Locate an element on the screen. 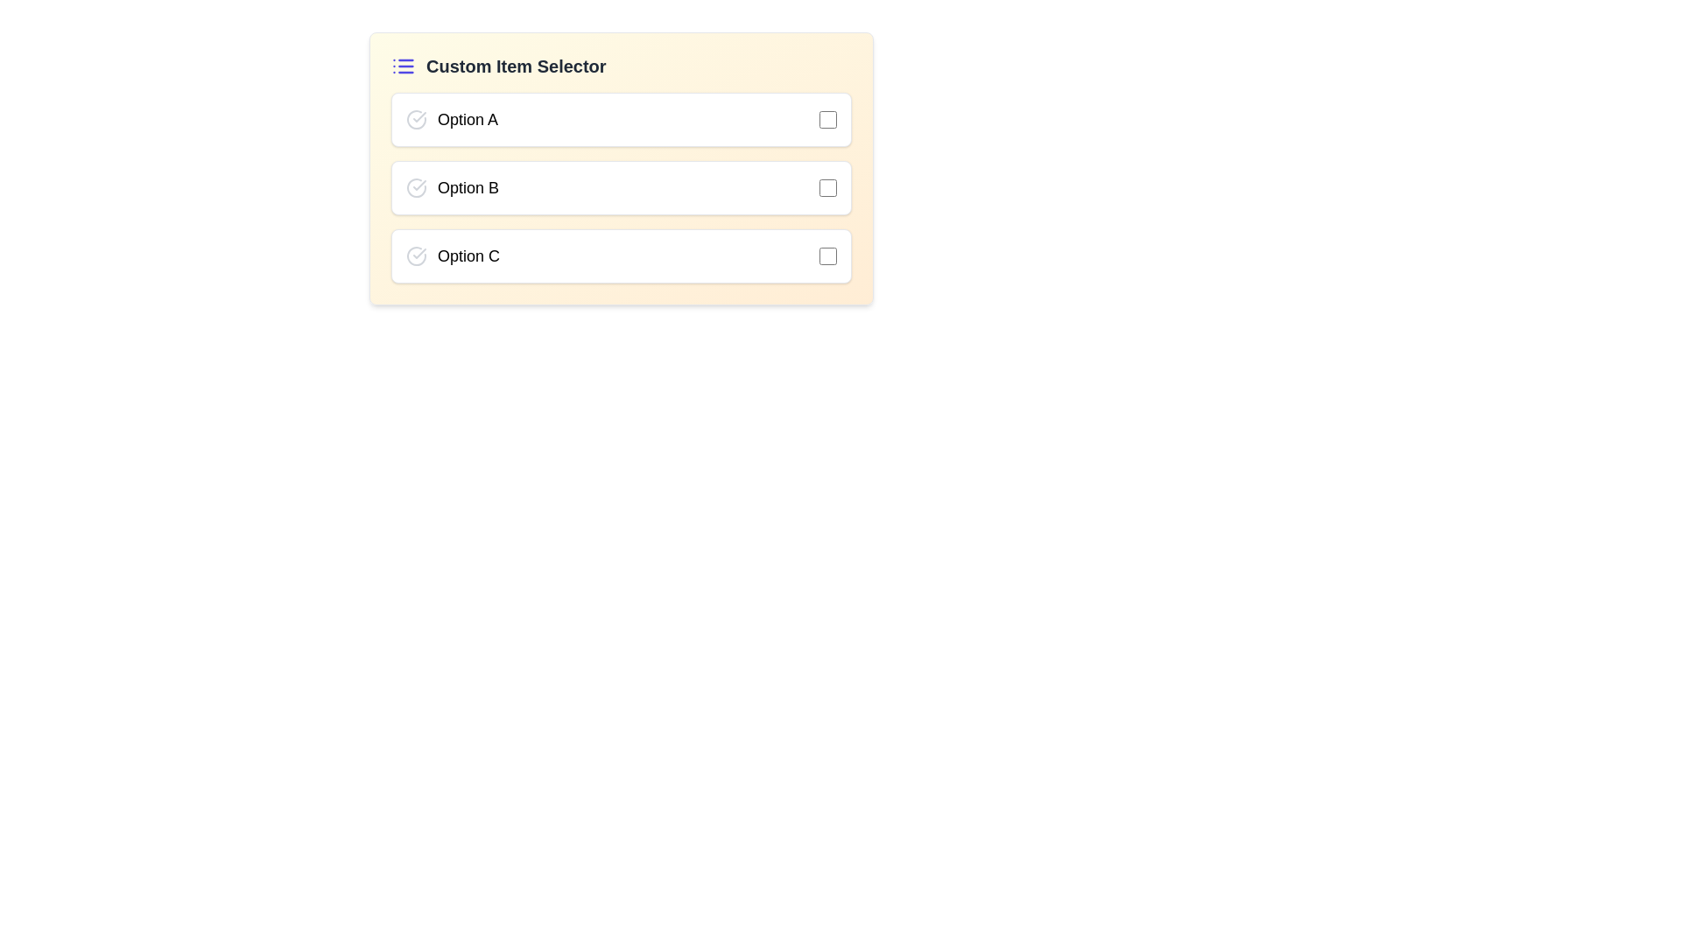 The height and width of the screenshot is (945, 1681). the circular gray icon with a checkmark next to the 'Option A' text, which indicates the selected option in the list is located at coordinates (415, 119).